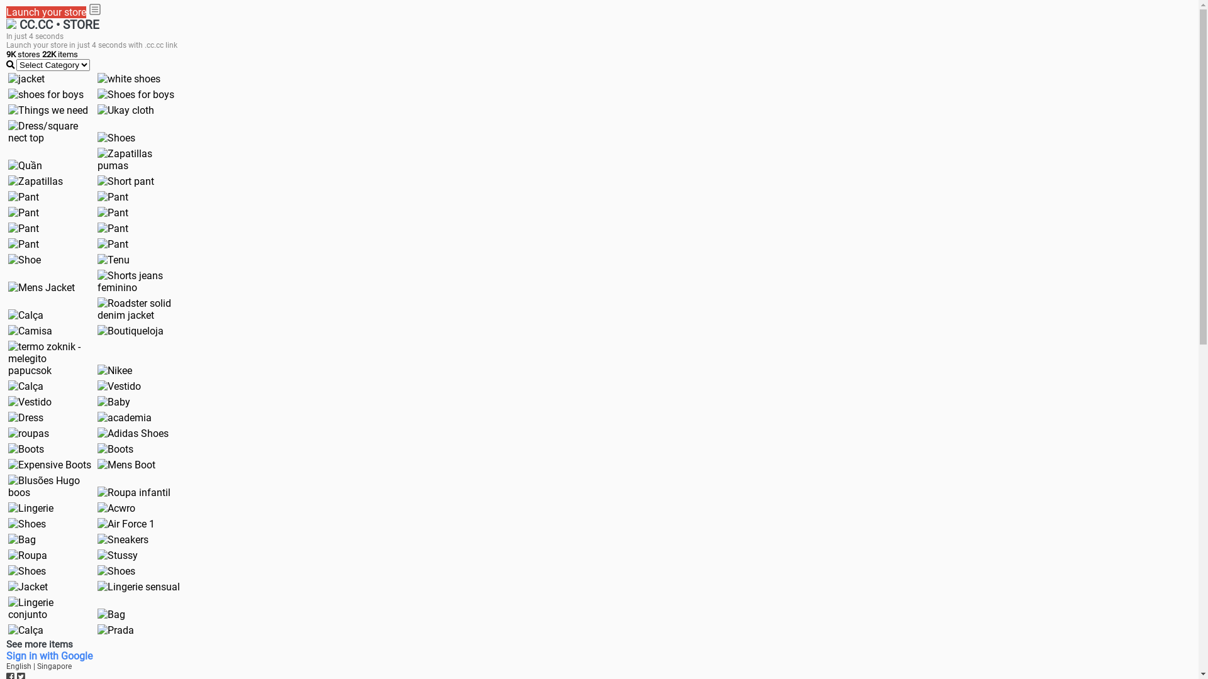 This screenshot has height=679, width=1208. I want to click on 'Baby', so click(114, 402).